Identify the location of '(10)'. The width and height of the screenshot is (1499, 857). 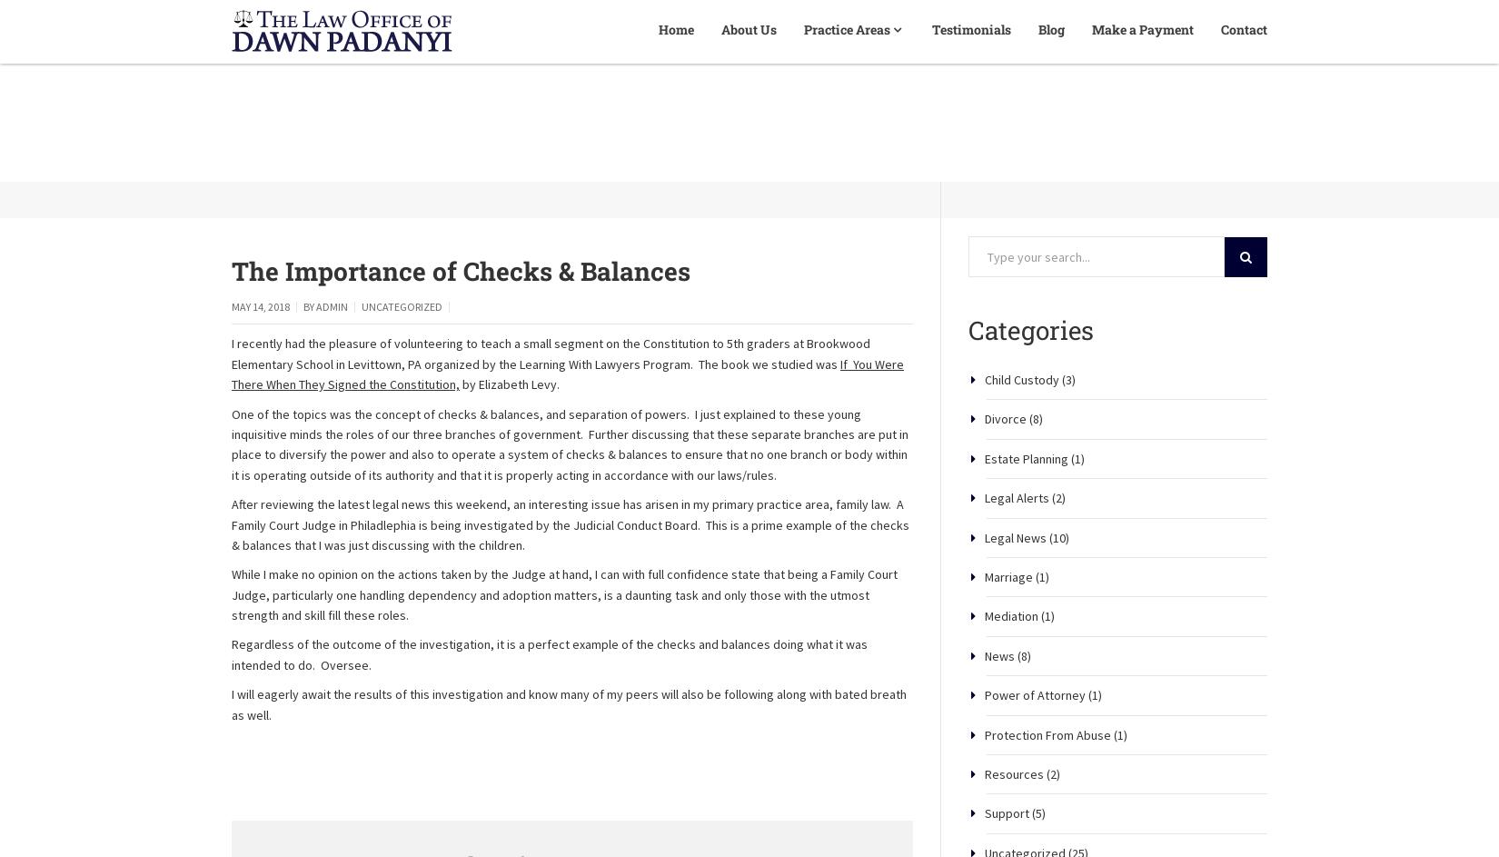
(1057, 601).